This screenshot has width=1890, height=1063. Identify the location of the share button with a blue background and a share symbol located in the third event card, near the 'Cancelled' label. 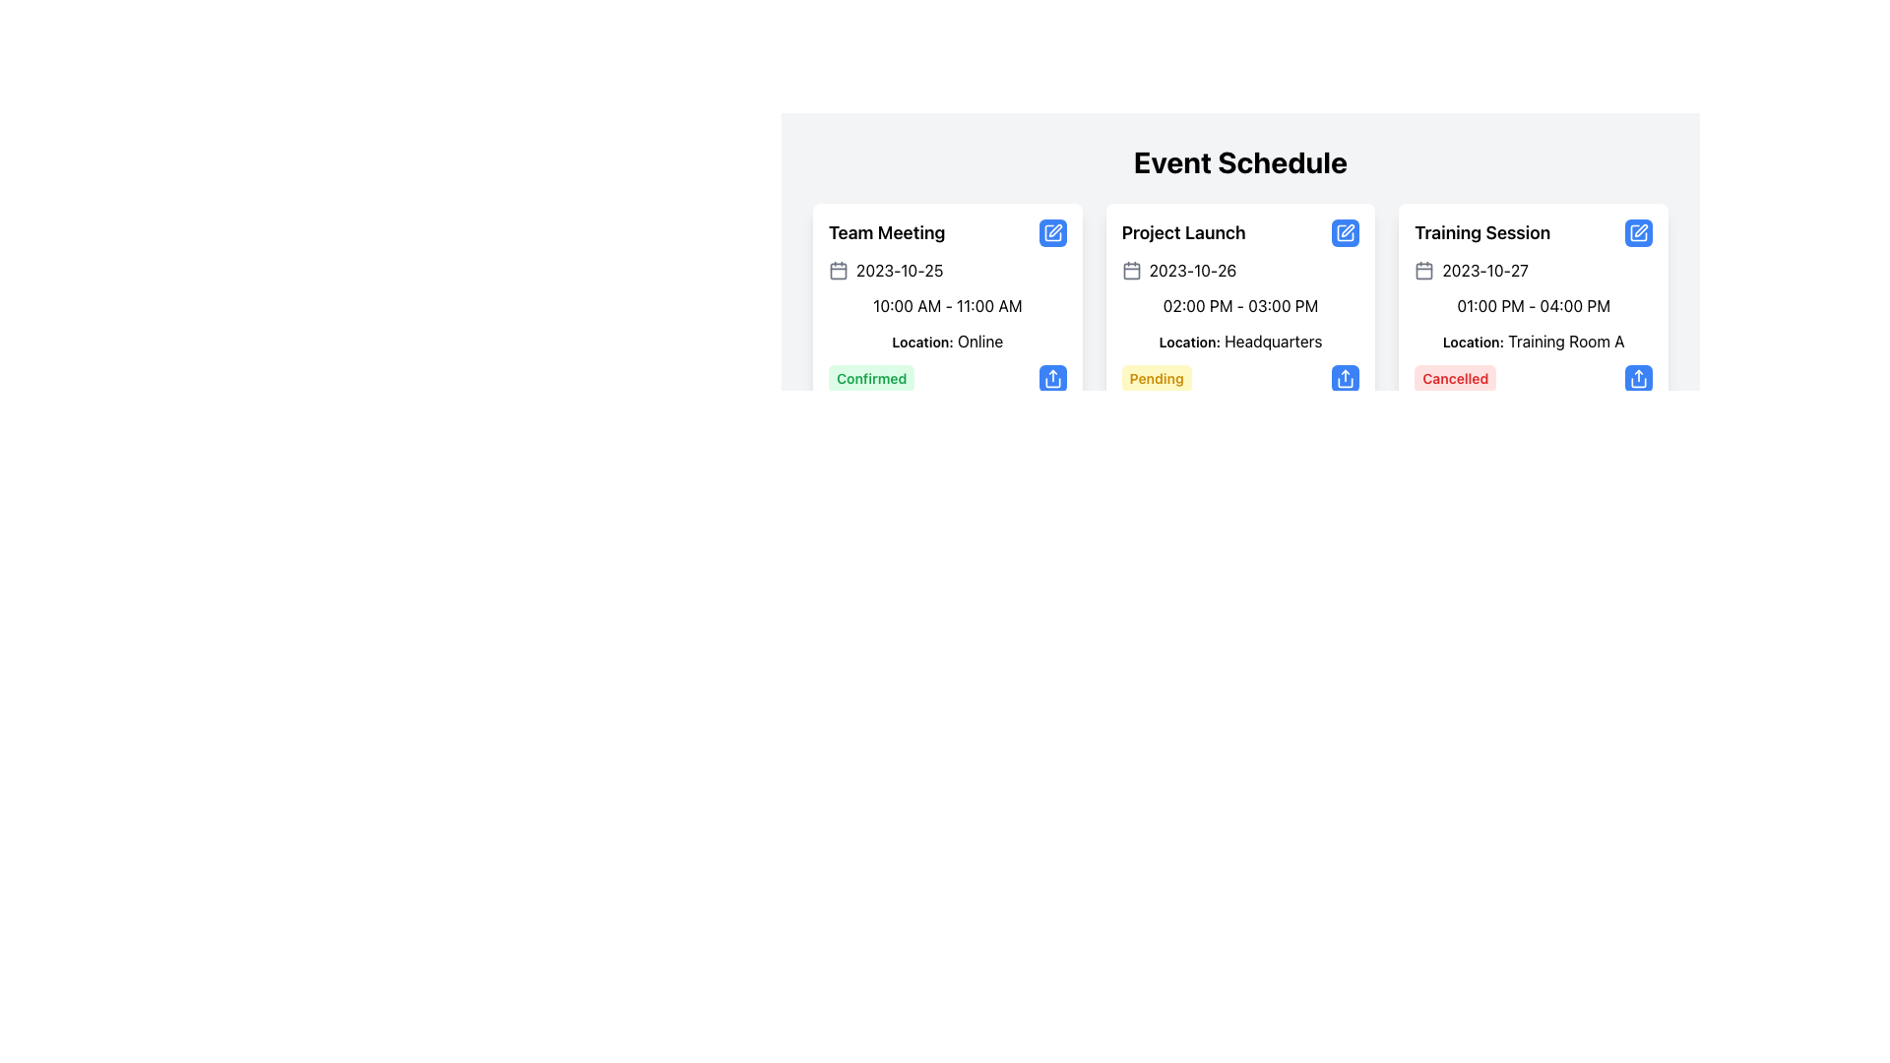
(1345, 379).